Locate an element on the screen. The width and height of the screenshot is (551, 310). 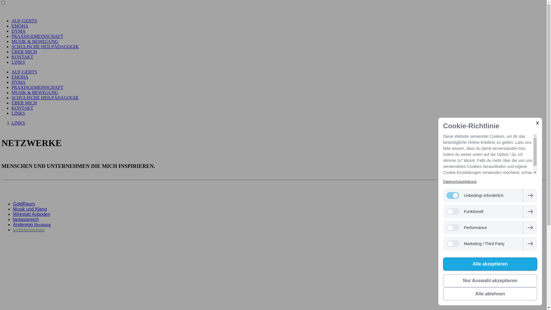
'Musik und Klang' is located at coordinates (30, 209).